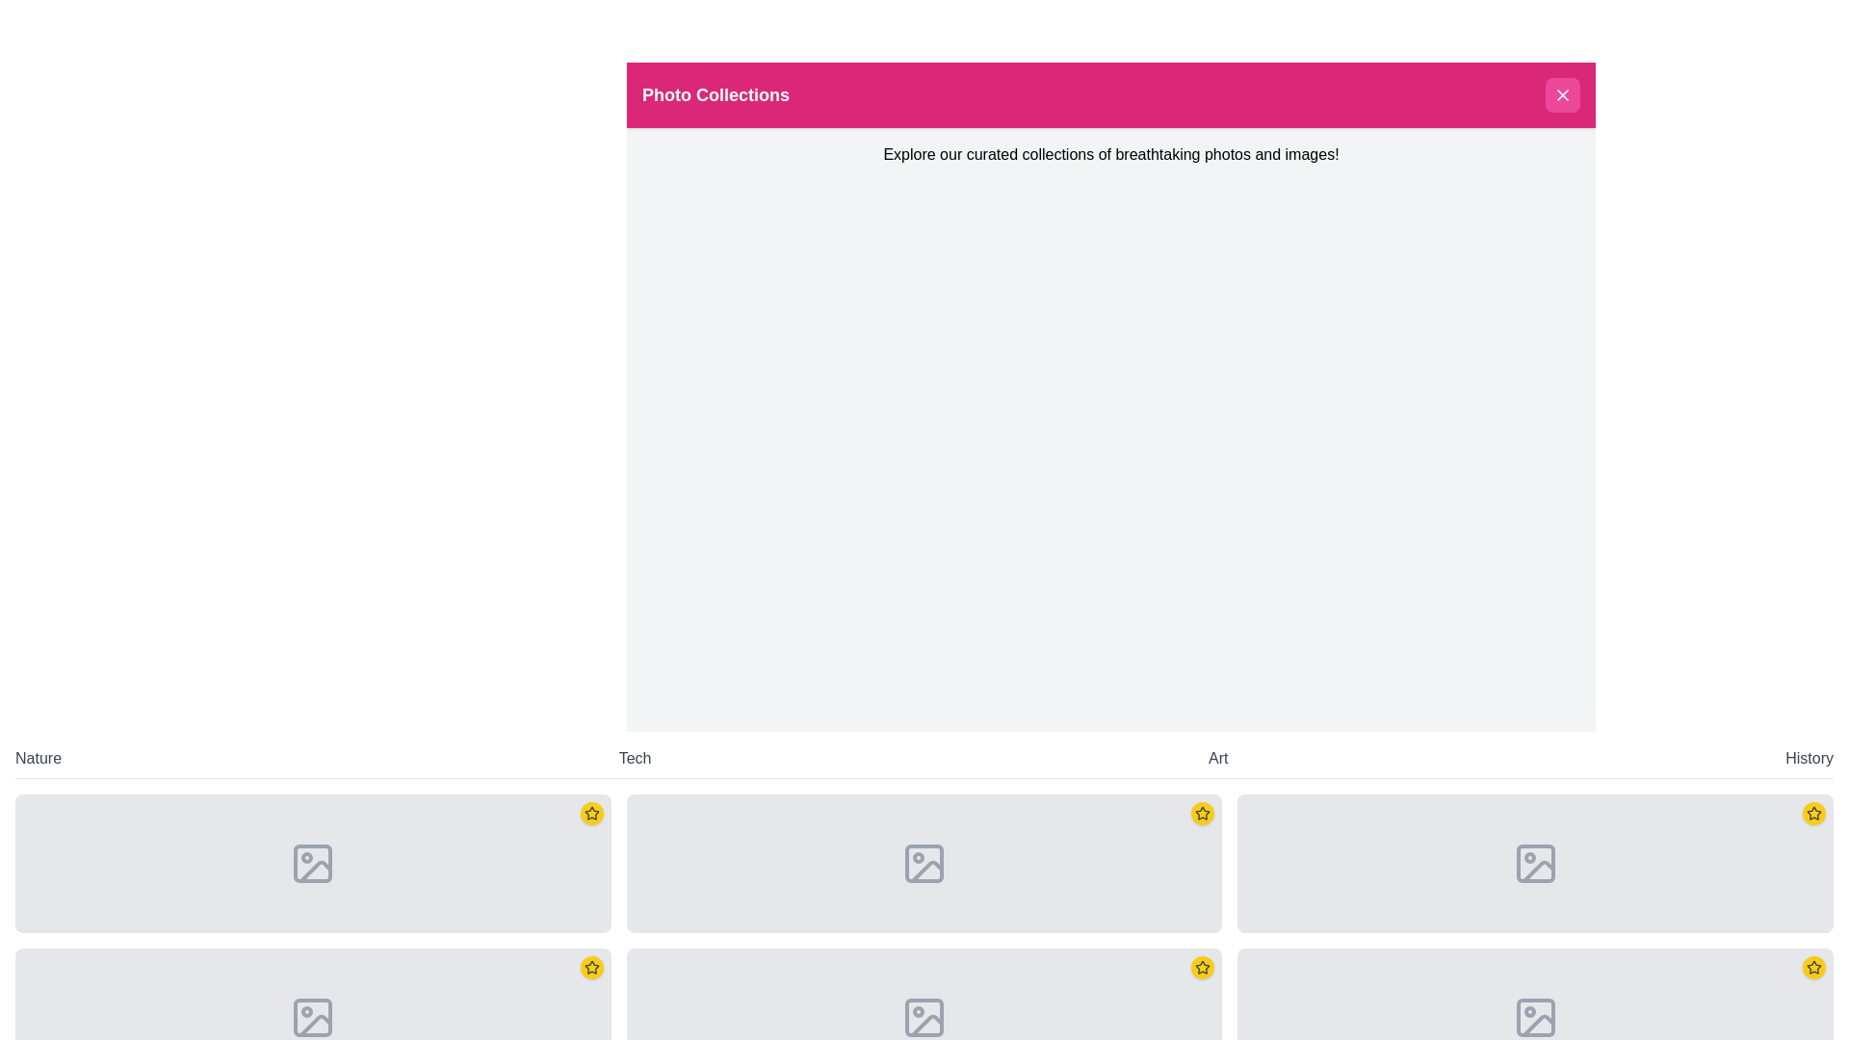 This screenshot has width=1849, height=1040. Describe the element at coordinates (1812, 967) in the screenshot. I see `the star-shaped icon with a gold fill located at the top-right corner of its containing card in the third column of the second row of items in a grid layout` at that location.